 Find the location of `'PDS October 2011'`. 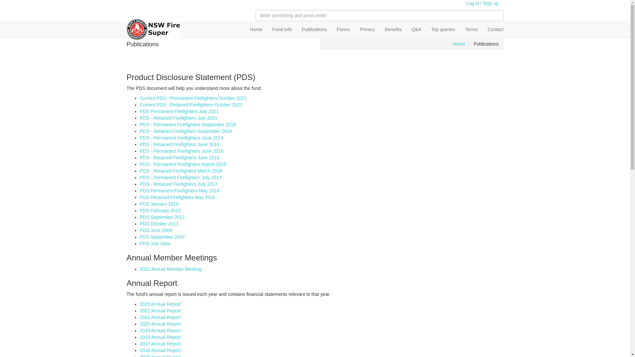

'PDS October 2011' is located at coordinates (159, 223).